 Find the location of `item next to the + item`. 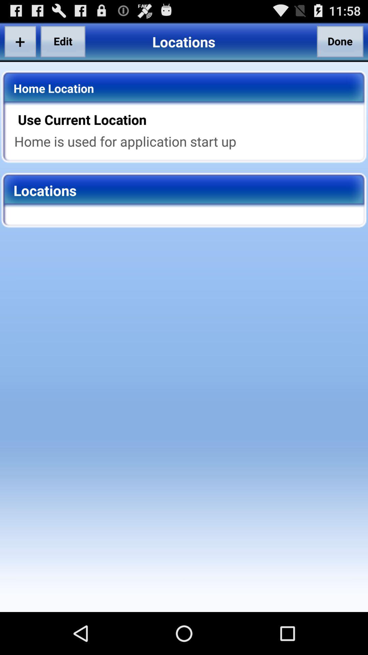

item next to the + item is located at coordinates (63, 41).